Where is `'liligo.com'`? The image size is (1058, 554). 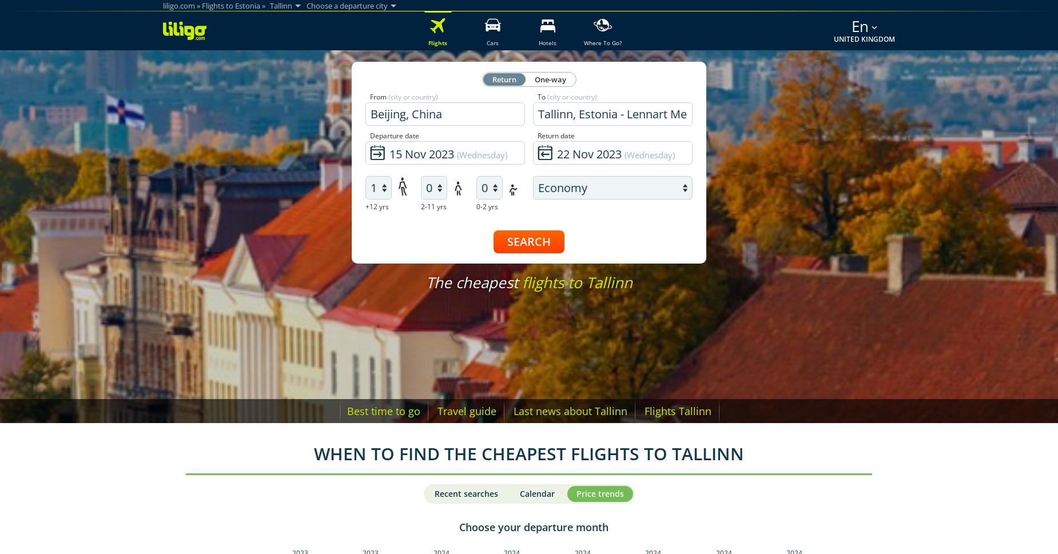 'liligo.com' is located at coordinates (162, 5).